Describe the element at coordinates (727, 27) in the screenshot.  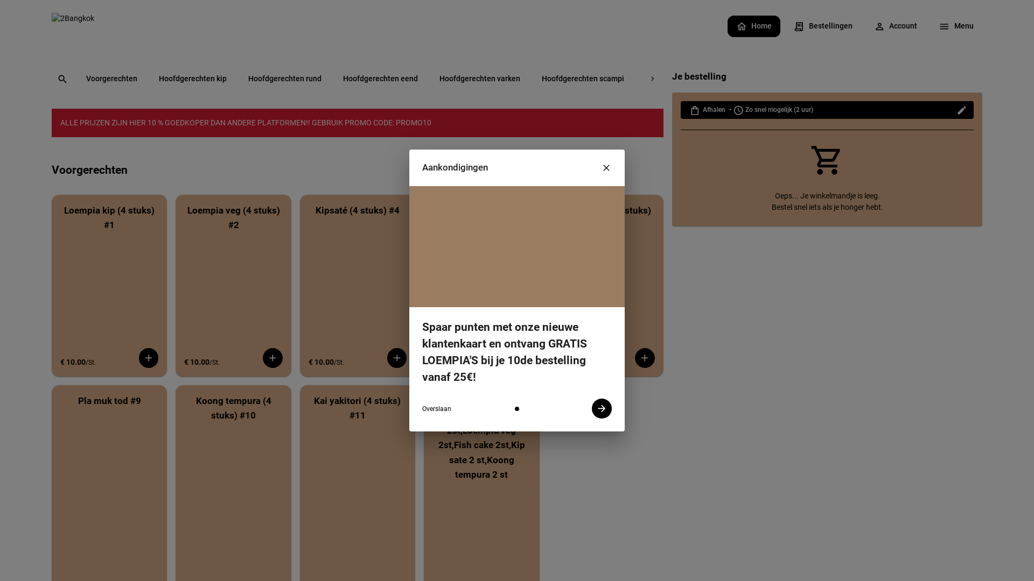
I see `'Home'` at that location.